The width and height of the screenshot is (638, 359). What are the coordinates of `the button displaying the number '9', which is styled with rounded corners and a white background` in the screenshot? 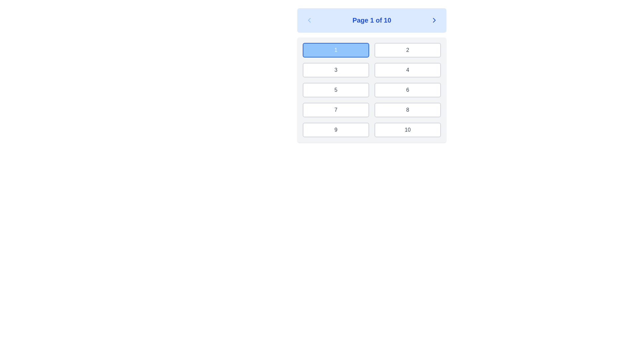 It's located at (336, 130).